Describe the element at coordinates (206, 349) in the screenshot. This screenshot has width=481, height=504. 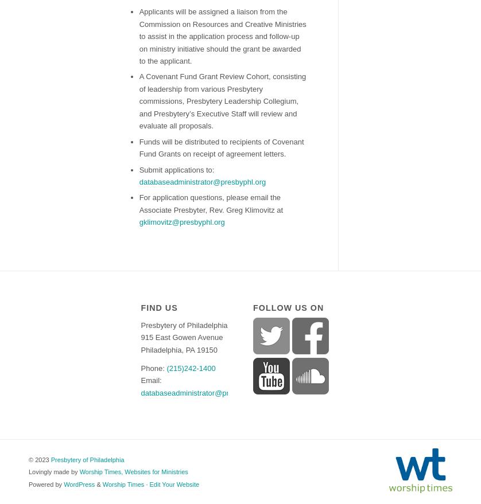
I see `'19150'` at that location.